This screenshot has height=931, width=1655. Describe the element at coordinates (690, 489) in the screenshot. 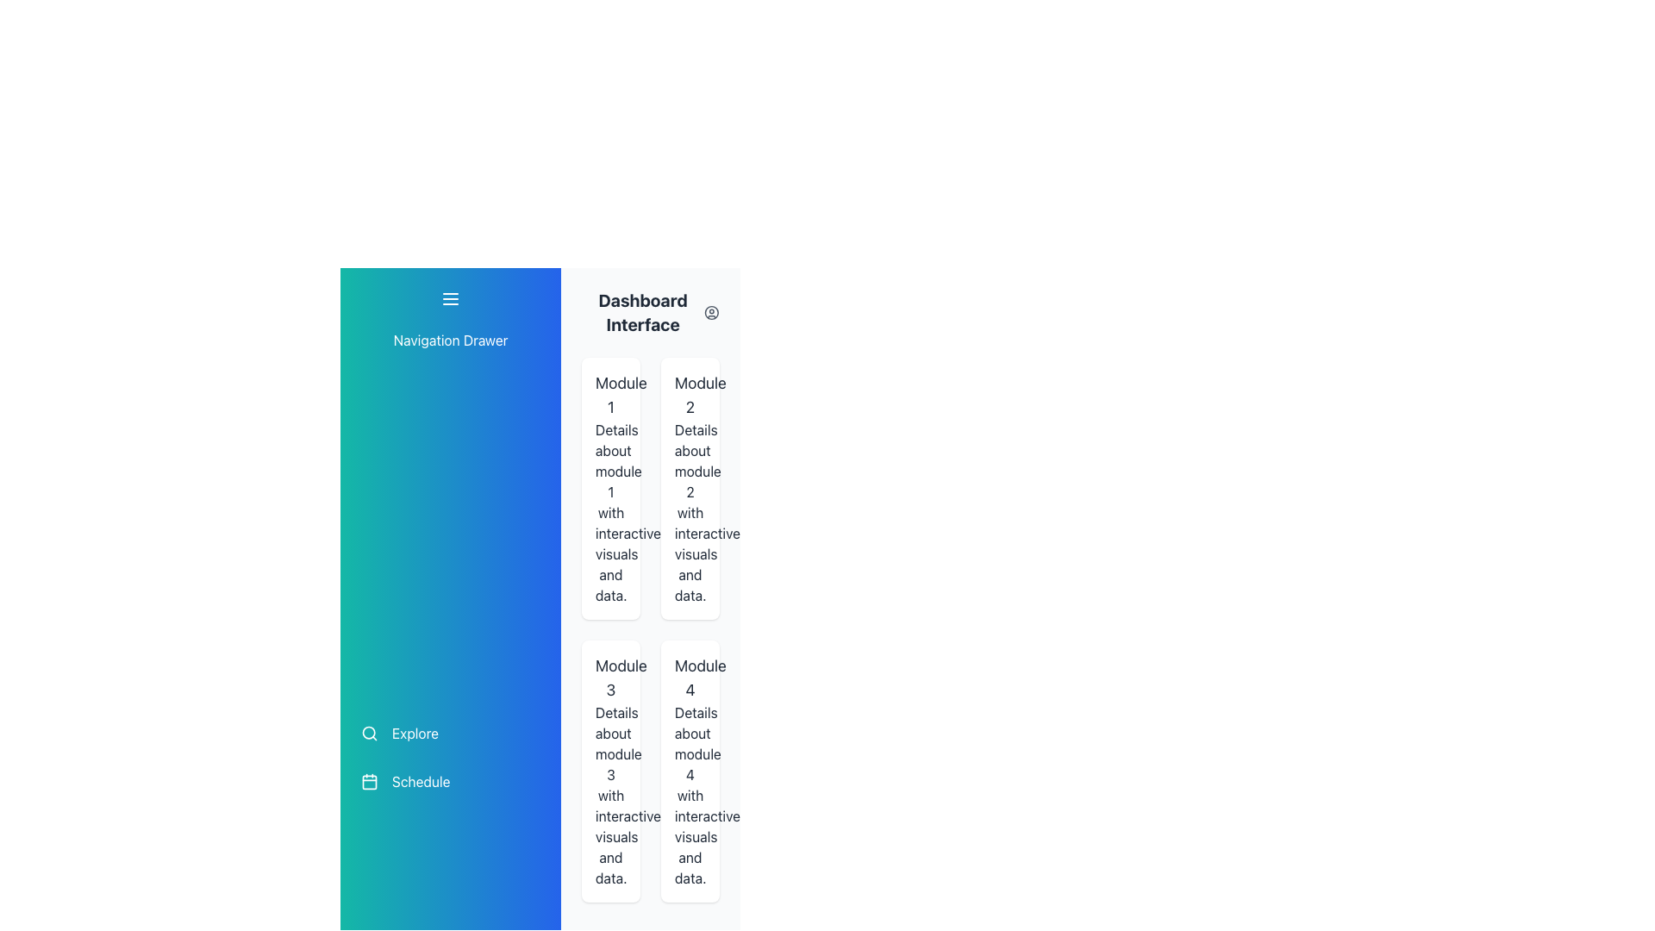

I see `the Informational Card for 'Module 2' located in the second column under 'Dashboard Interface'` at that location.